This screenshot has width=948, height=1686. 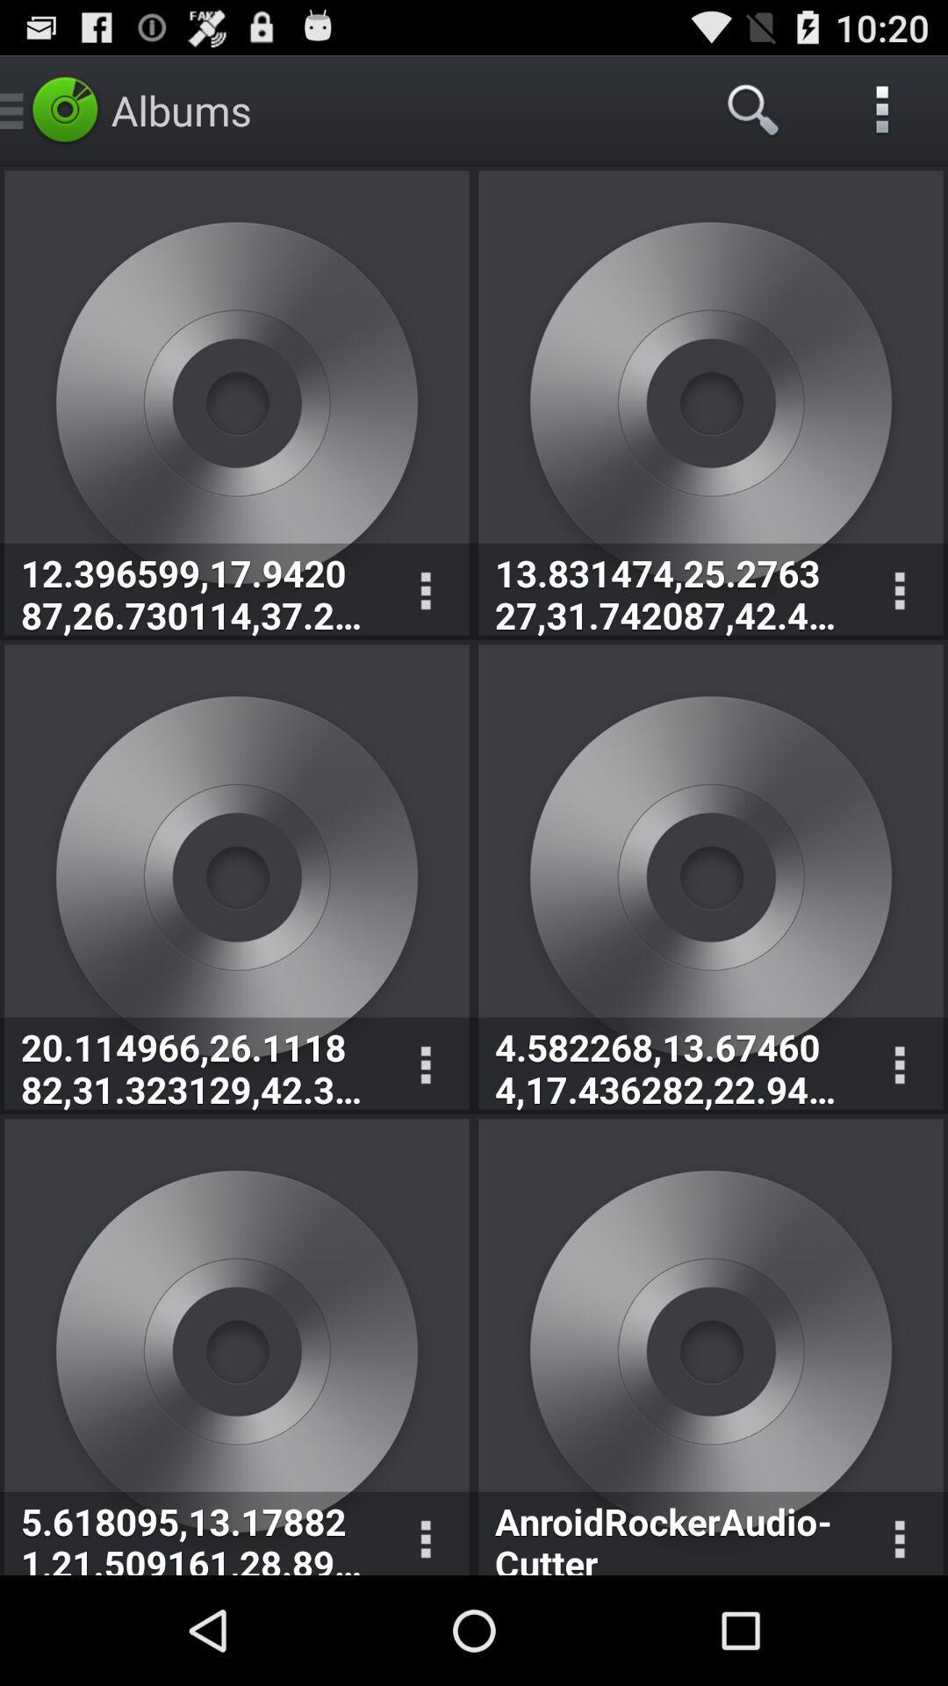 I want to click on the search button, so click(x=753, y=109).